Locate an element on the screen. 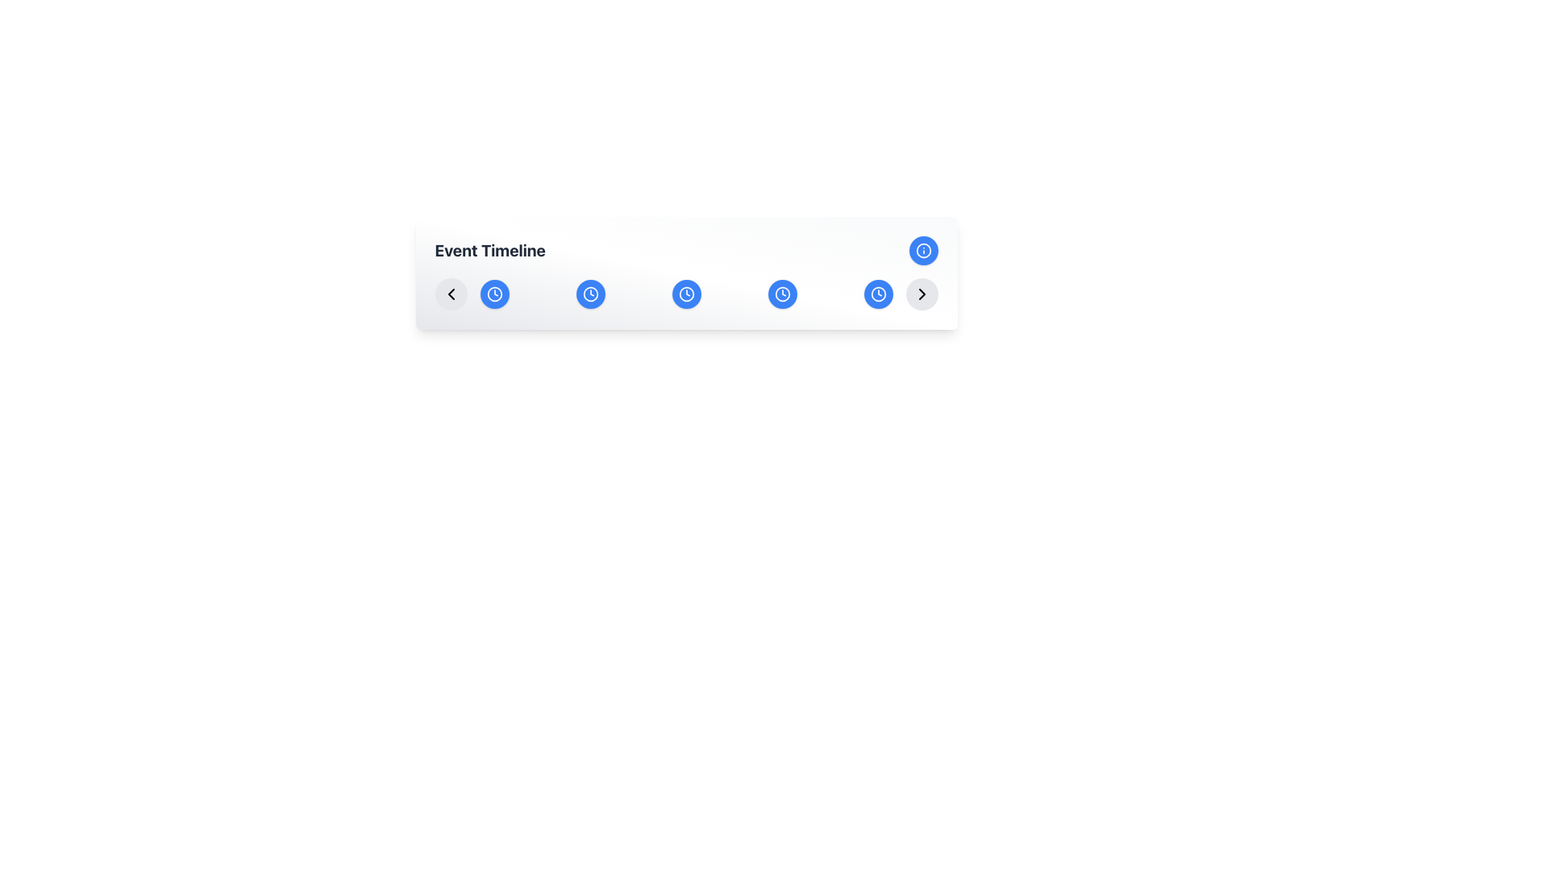  the circular clock icon with a blue outer circle located in the second position of the horizontal interface titled 'Event Timeline' is located at coordinates (493, 294).